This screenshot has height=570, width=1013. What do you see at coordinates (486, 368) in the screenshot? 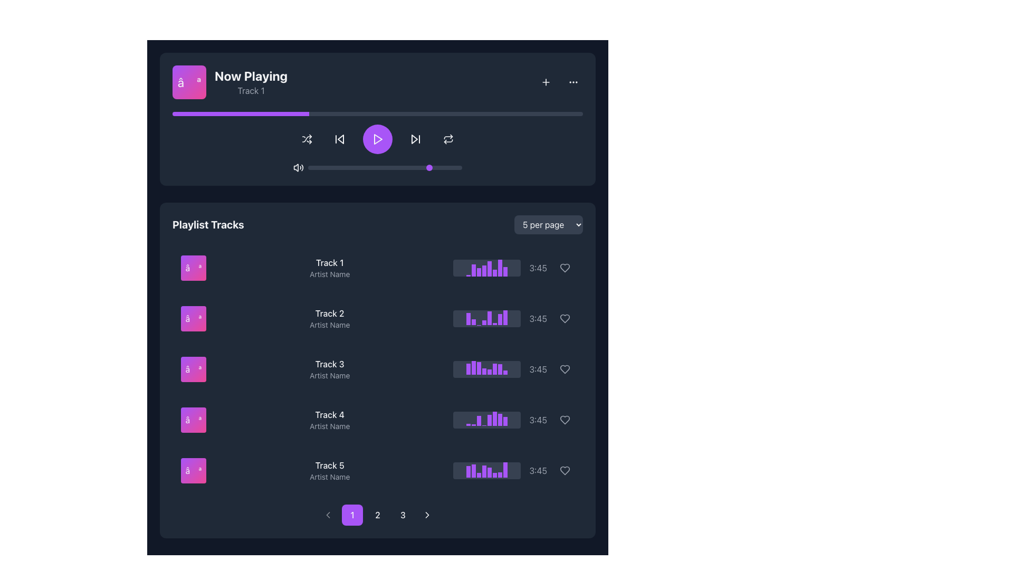
I see `the static graphical audio indicator, which is a horizontal bar with a medium-grey background and rounded corners, located in the third track's information row, right of the track title and artist name, and left of the duration text '3:45'` at bounding box center [486, 368].